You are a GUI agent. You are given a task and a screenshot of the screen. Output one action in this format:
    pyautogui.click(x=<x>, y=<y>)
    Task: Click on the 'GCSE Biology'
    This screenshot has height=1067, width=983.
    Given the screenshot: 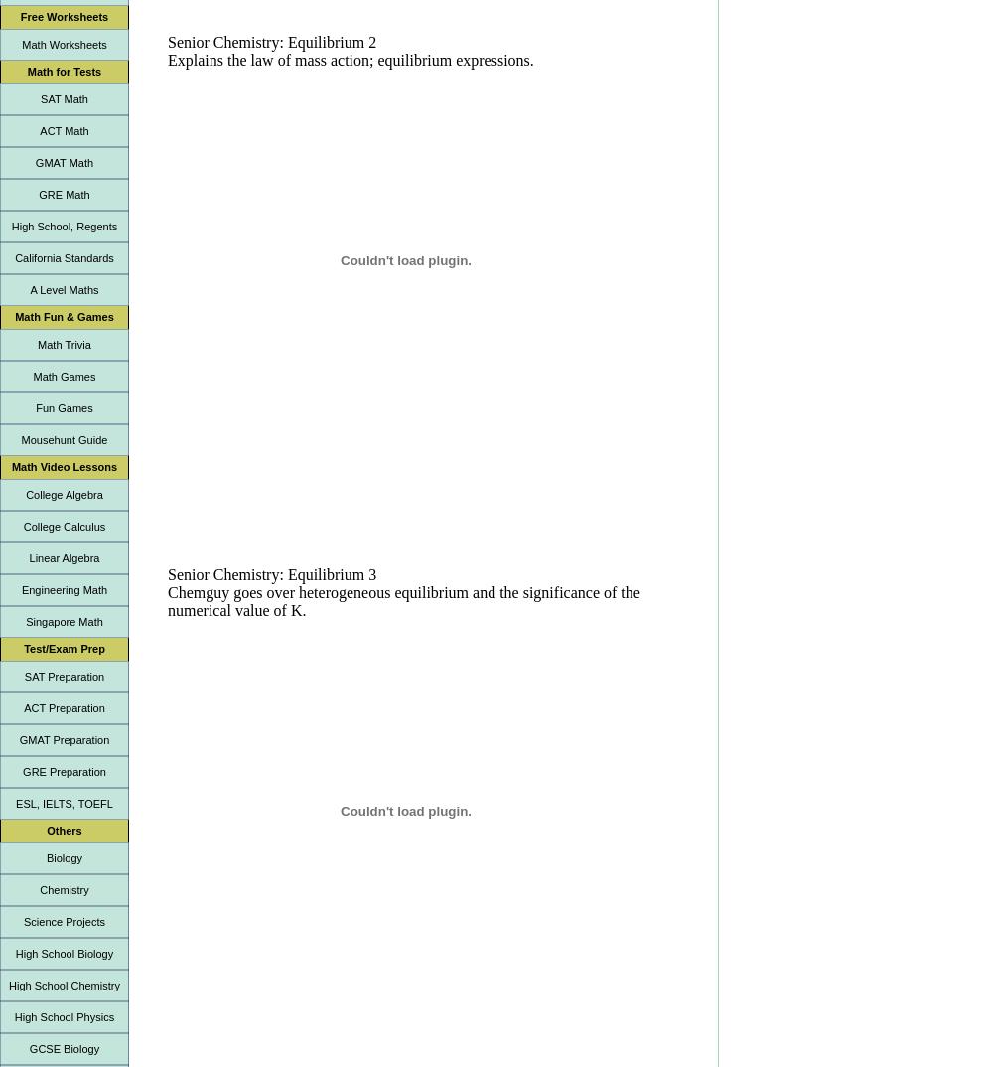 What is the action you would take?
    pyautogui.click(x=64, y=1048)
    